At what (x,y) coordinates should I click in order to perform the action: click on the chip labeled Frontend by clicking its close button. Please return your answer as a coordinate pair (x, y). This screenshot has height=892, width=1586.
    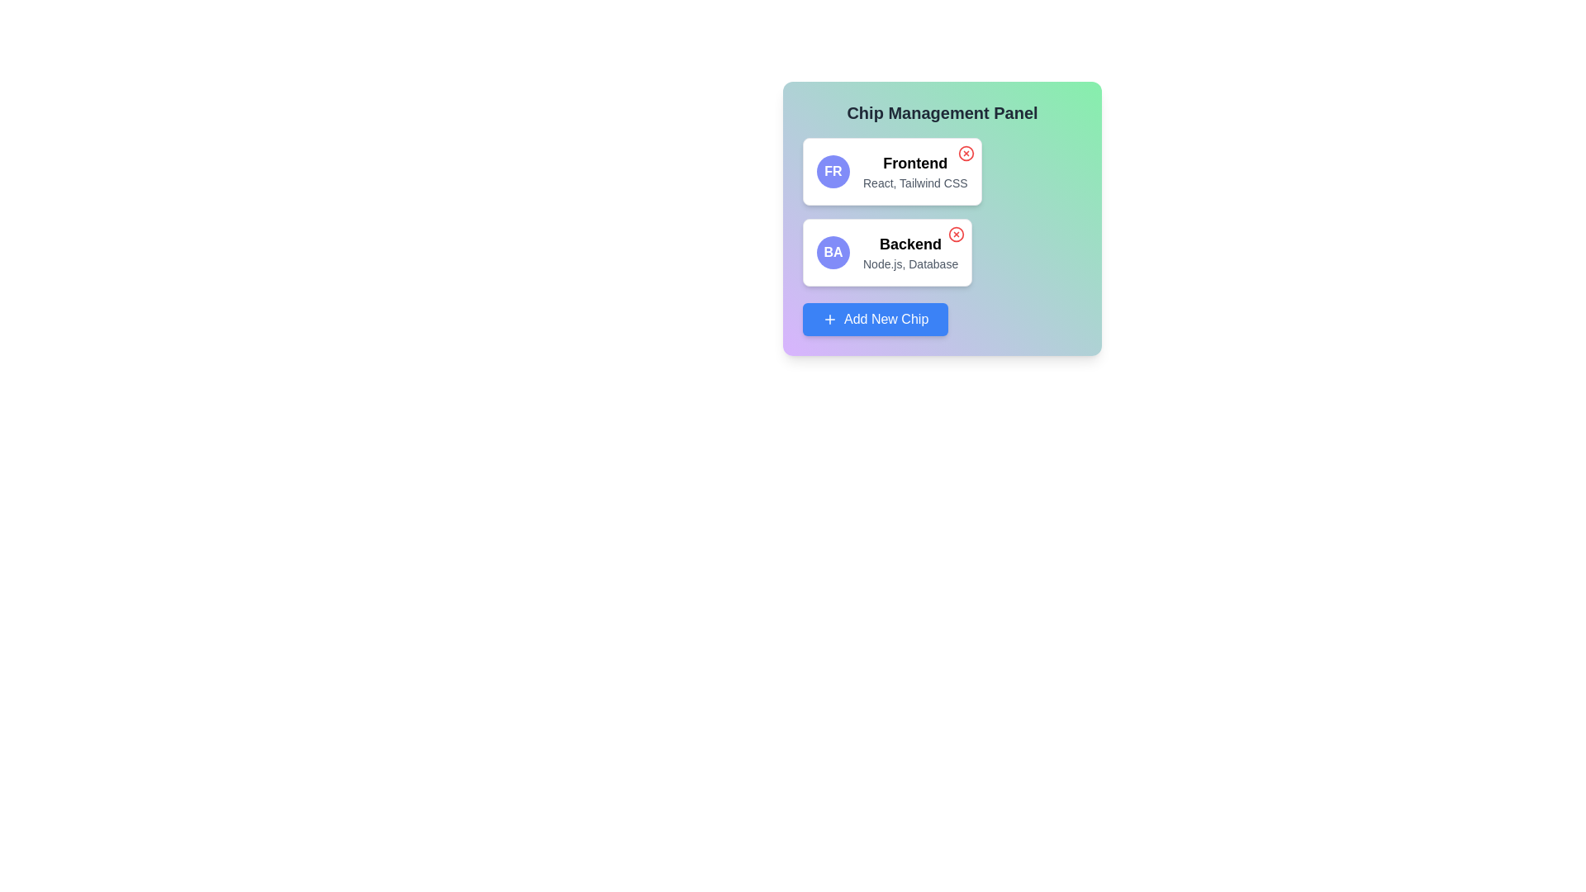
    Looking at the image, I should click on (966, 153).